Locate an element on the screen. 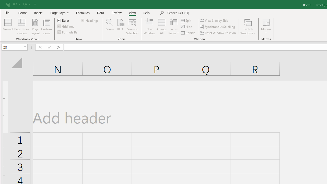  'Freeze Panes' is located at coordinates (174, 27).